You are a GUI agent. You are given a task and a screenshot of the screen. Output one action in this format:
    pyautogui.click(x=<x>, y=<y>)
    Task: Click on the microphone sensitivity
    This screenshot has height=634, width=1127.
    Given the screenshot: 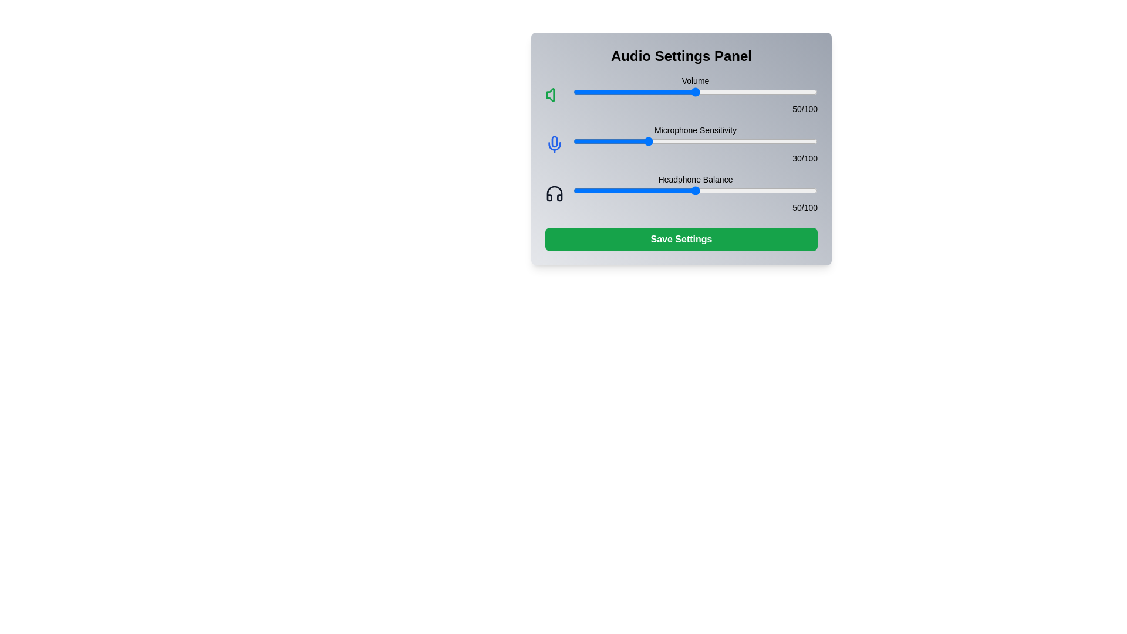 What is the action you would take?
    pyautogui.click(x=795, y=140)
    